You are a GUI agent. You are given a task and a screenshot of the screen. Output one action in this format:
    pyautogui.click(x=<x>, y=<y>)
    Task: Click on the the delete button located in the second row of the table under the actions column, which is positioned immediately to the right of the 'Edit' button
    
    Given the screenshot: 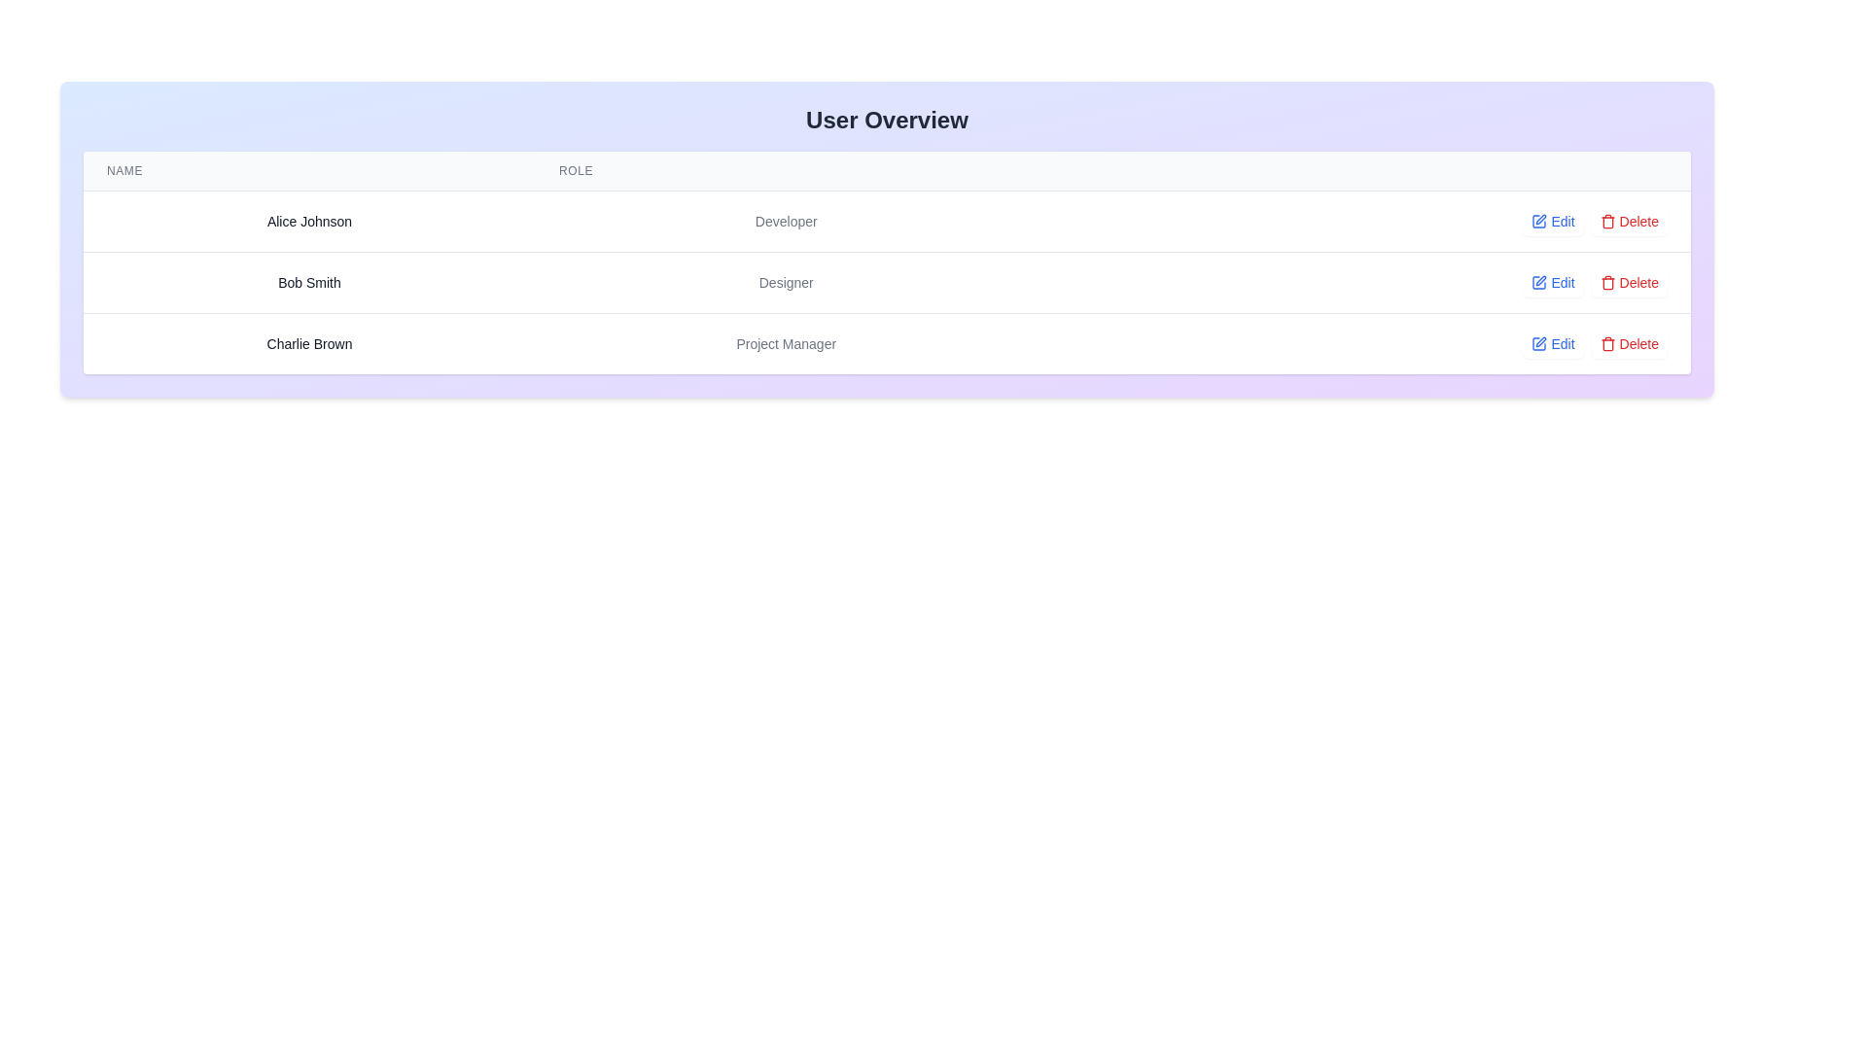 What is the action you would take?
    pyautogui.click(x=1629, y=282)
    